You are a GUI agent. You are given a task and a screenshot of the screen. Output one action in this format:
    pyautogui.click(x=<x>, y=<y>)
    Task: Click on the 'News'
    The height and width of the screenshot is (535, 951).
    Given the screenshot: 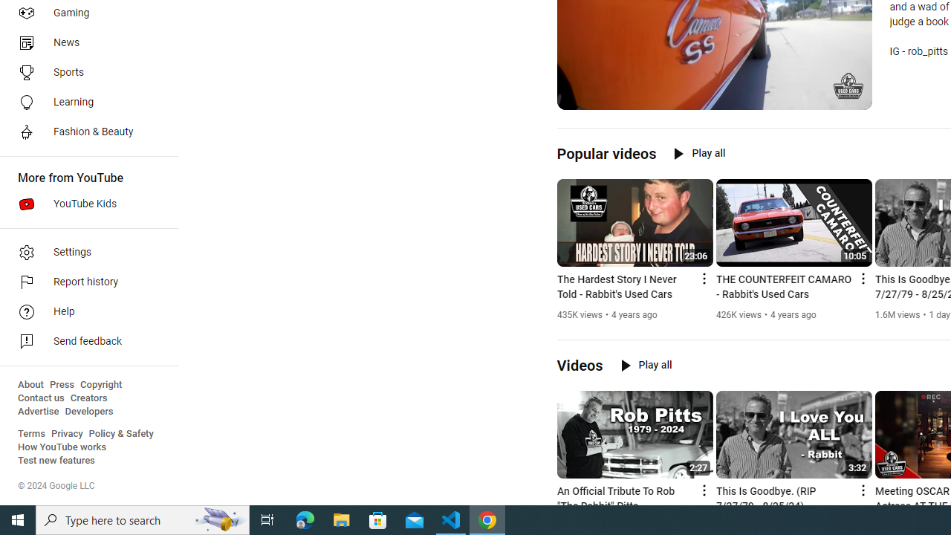 What is the action you would take?
    pyautogui.click(x=83, y=42)
    